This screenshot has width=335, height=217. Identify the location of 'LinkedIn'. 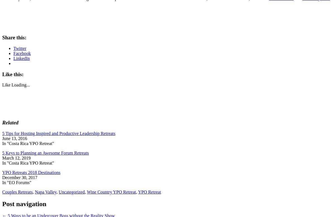
(21, 58).